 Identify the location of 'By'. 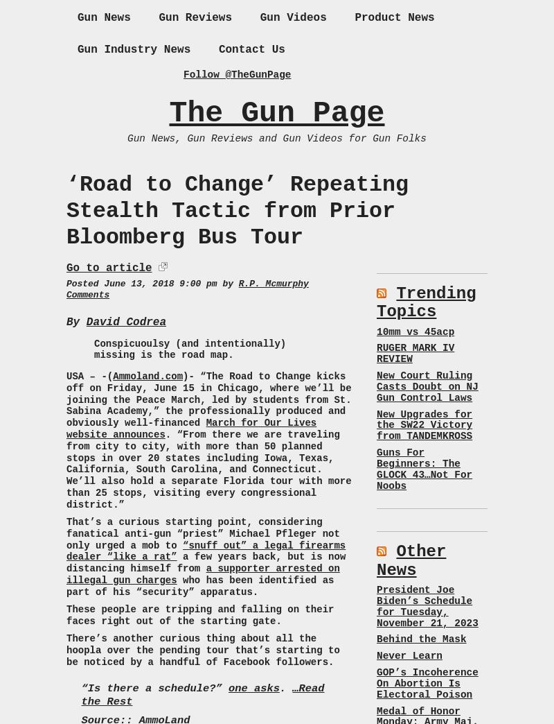
(75, 321).